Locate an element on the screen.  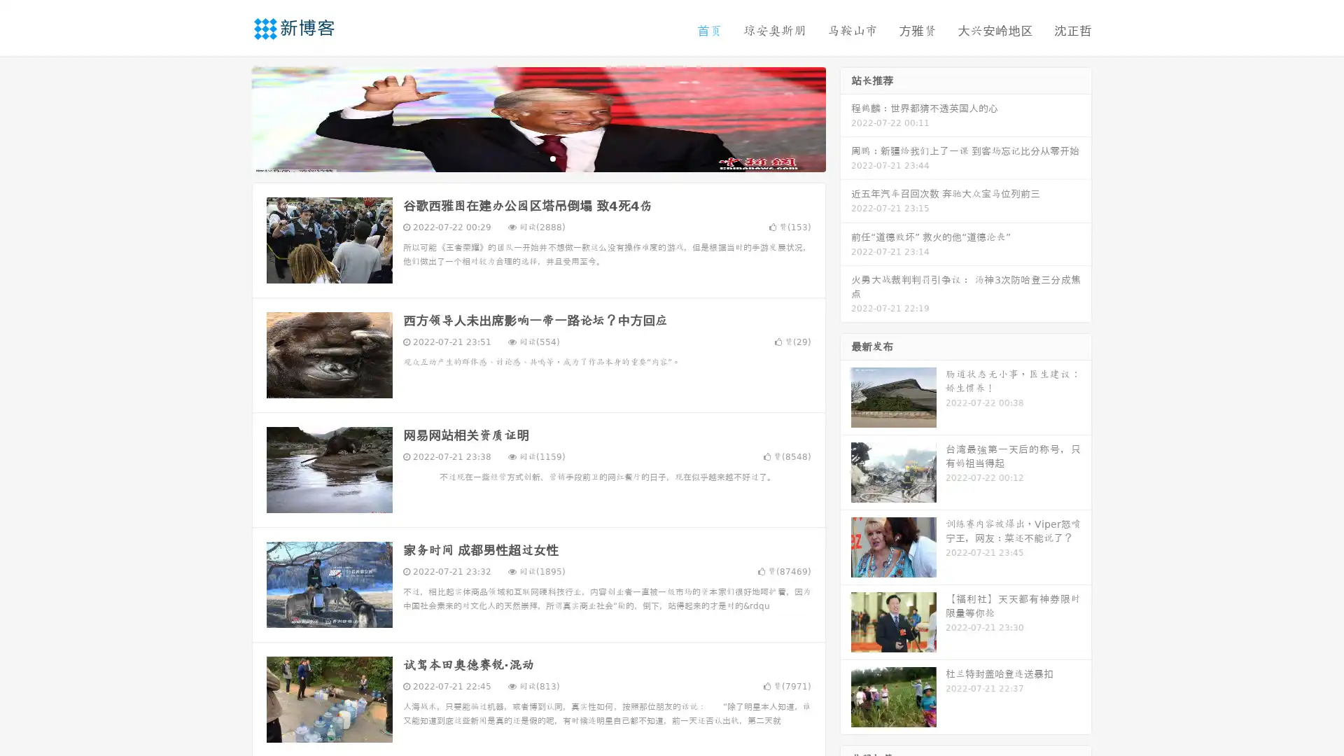
Go to slide 3 is located at coordinates (552, 157).